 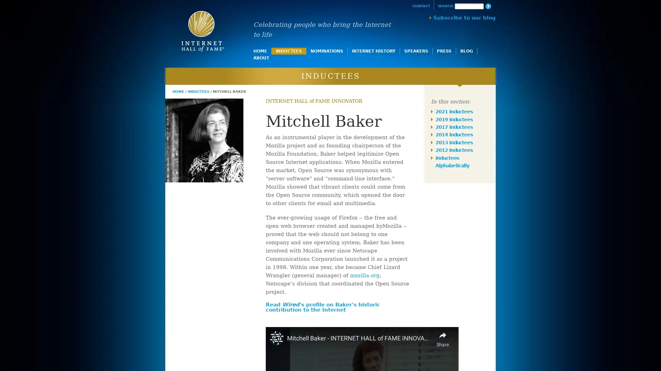 I want to click on Search, so click(x=487, y=6).